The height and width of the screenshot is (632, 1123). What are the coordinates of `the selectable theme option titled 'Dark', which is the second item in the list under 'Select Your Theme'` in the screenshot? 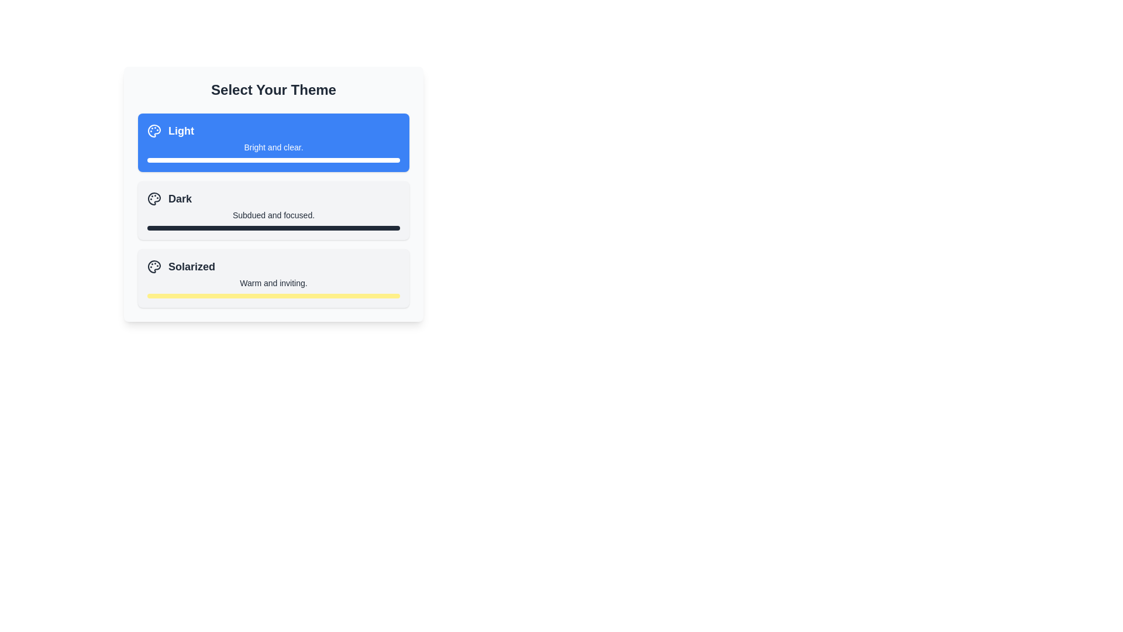 It's located at (273, 198).